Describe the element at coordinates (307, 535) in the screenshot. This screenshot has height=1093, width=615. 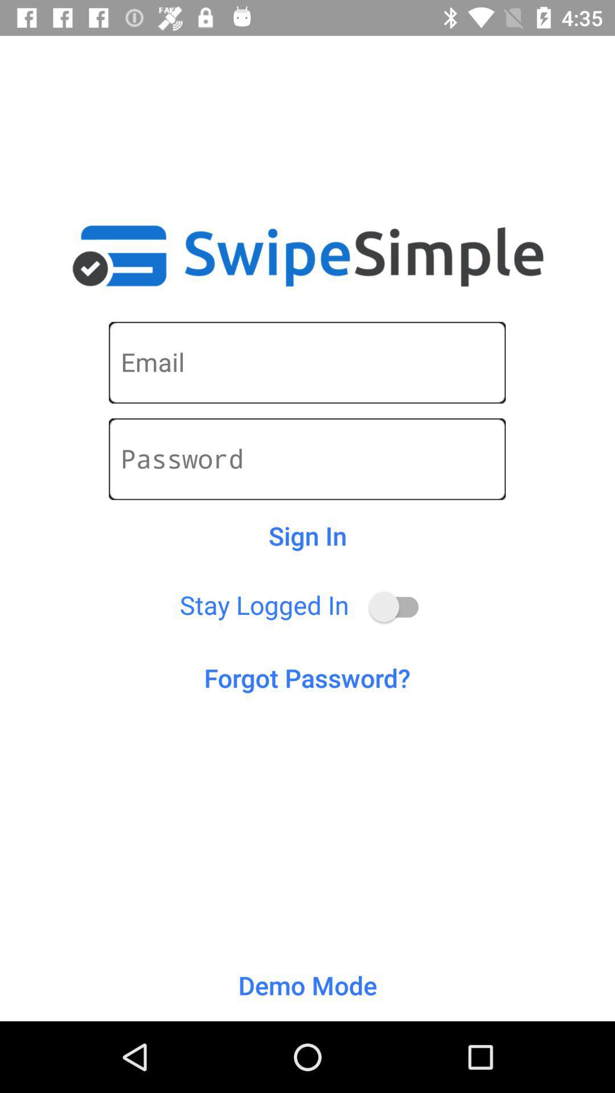
I see `the sign in` at that location.